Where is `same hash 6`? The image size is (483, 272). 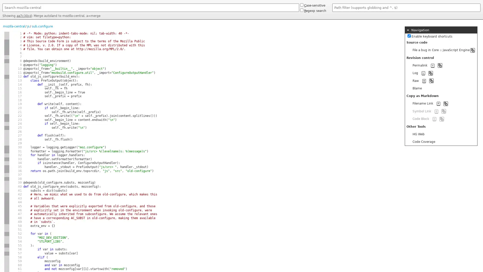 same hash 6 is located at coordinates (7, 135).